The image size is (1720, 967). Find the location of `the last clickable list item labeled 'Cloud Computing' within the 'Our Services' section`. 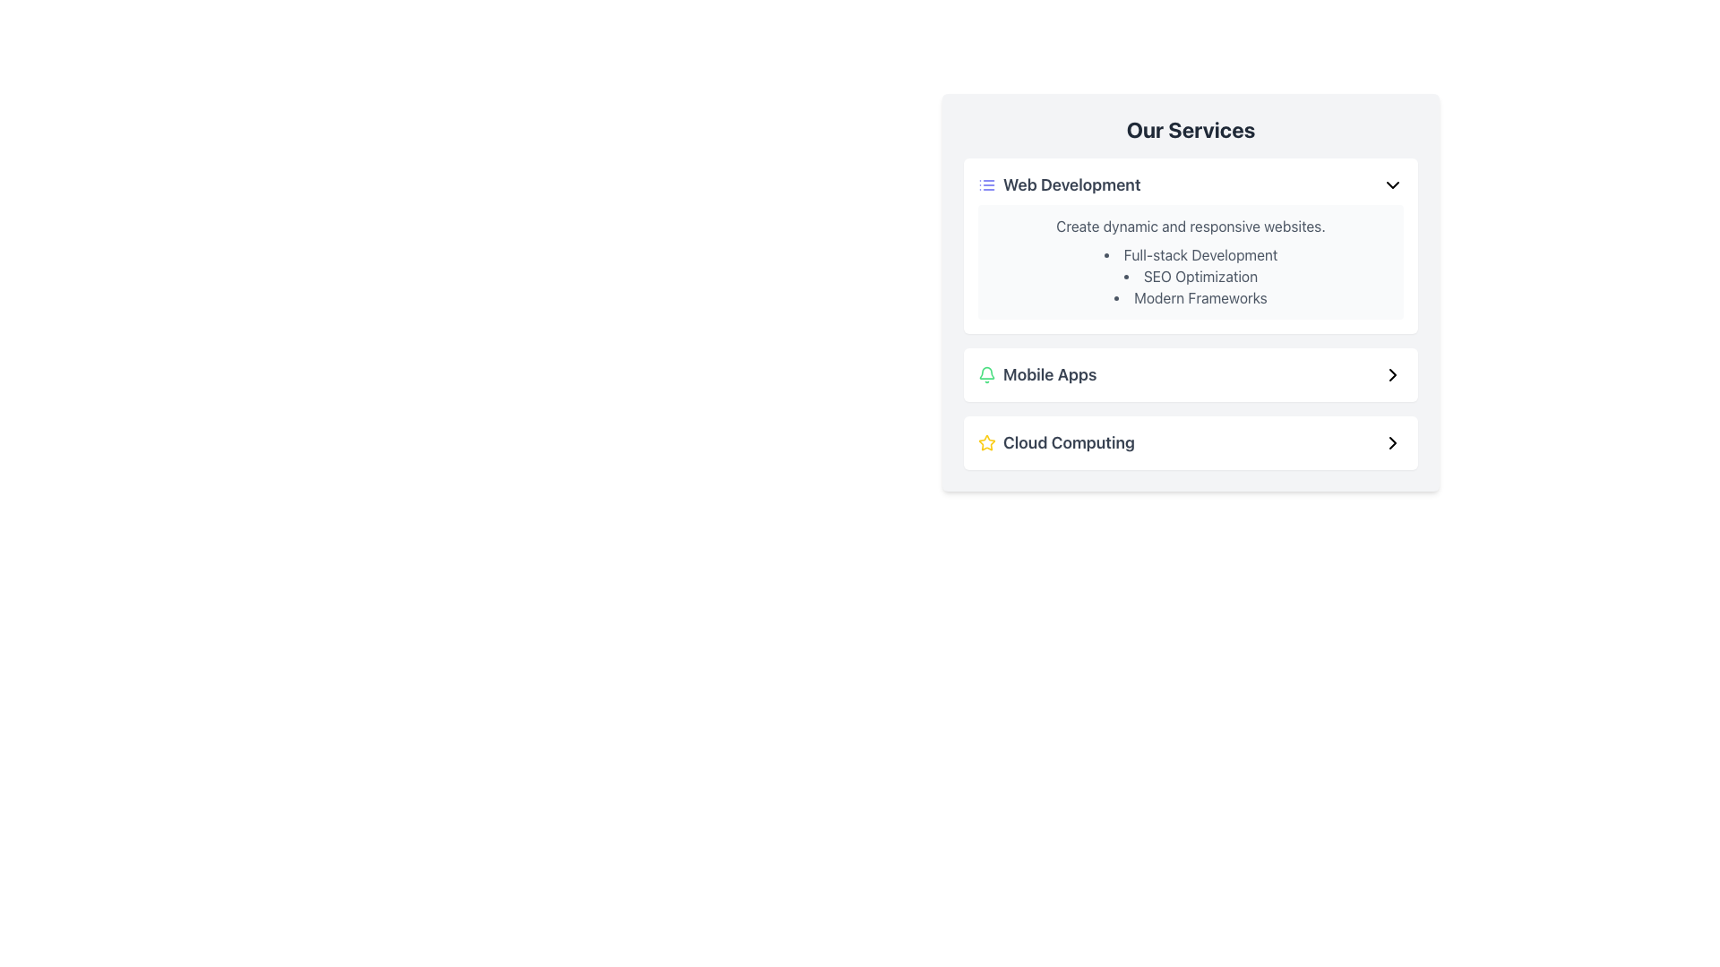

the last clickable list item labeled 'Cloud Computing' within the 'Our Services' section is located at coordinates (1191, 442).